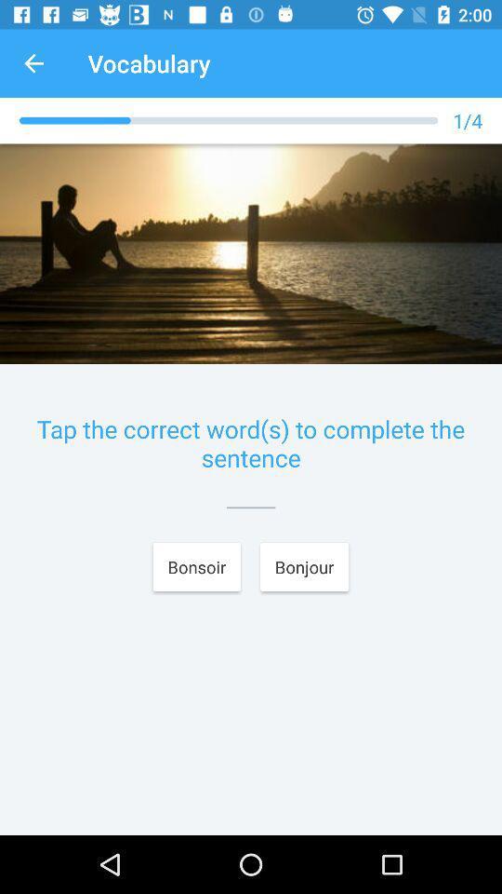 The width and height of the screenshot is (502, 894). I want to click on the app next to vocabulary app, so click(33, 63).